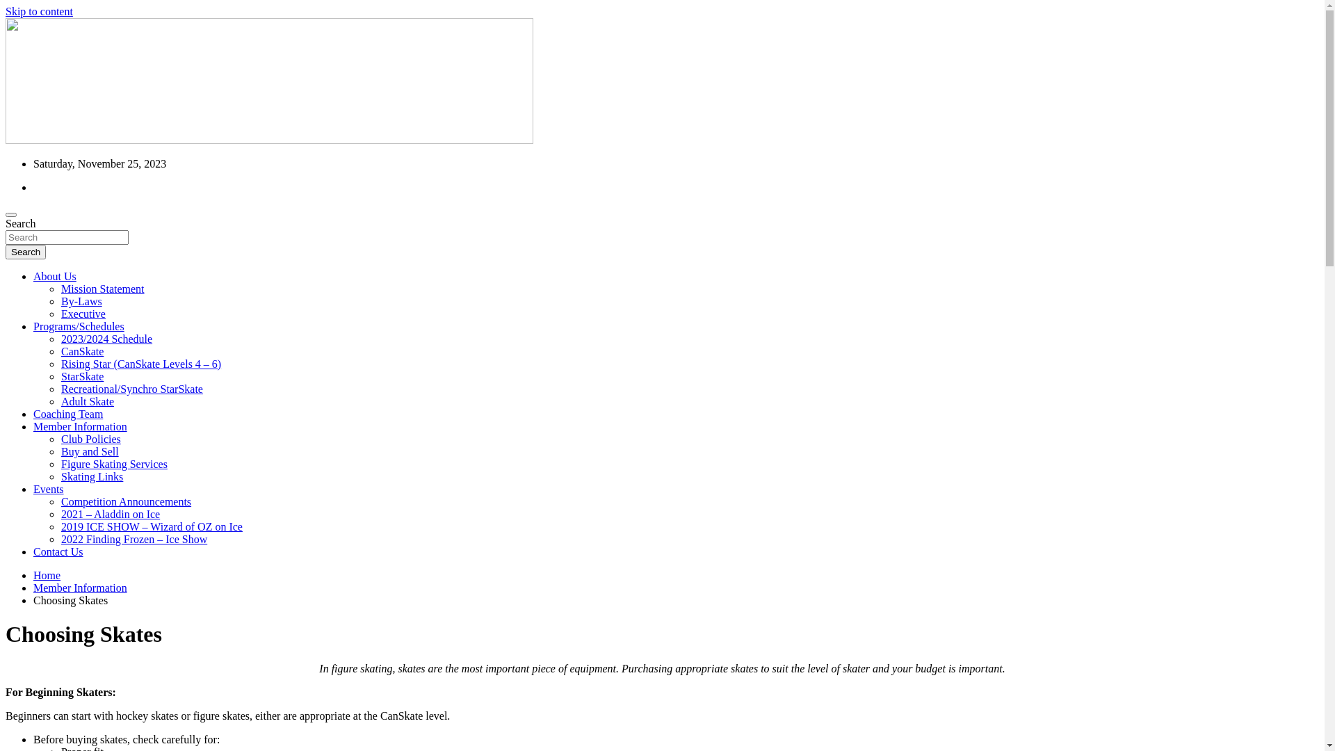  What do you see at coordinates (81, 350) in the screenshot?
I see `'CanSkate'` at bounding box center [81, 350].